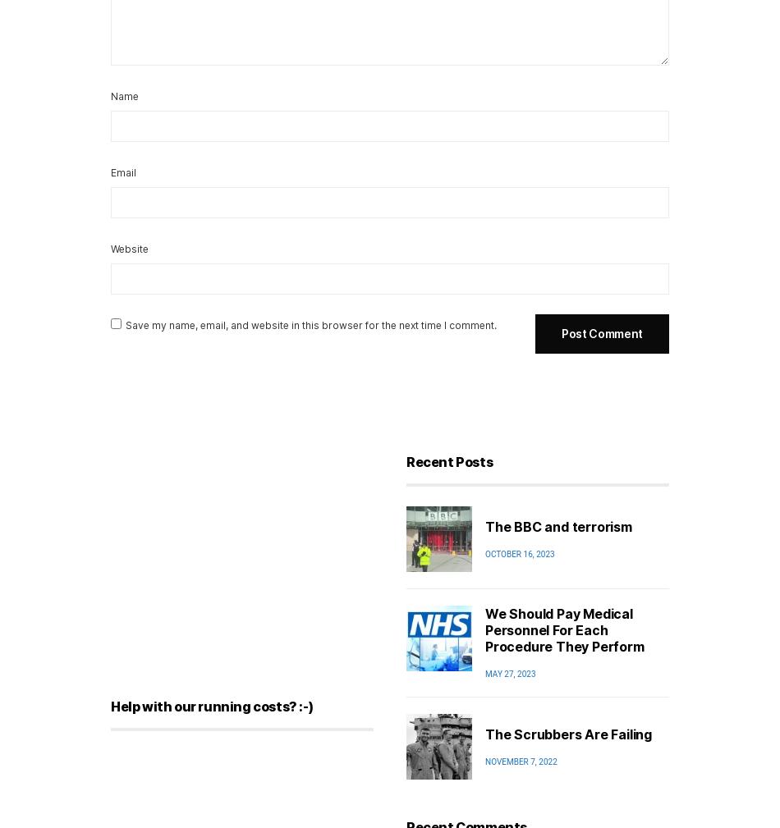 The image size is (780, 828). I want to click on 'May 27, 2023', so click(510, 674).